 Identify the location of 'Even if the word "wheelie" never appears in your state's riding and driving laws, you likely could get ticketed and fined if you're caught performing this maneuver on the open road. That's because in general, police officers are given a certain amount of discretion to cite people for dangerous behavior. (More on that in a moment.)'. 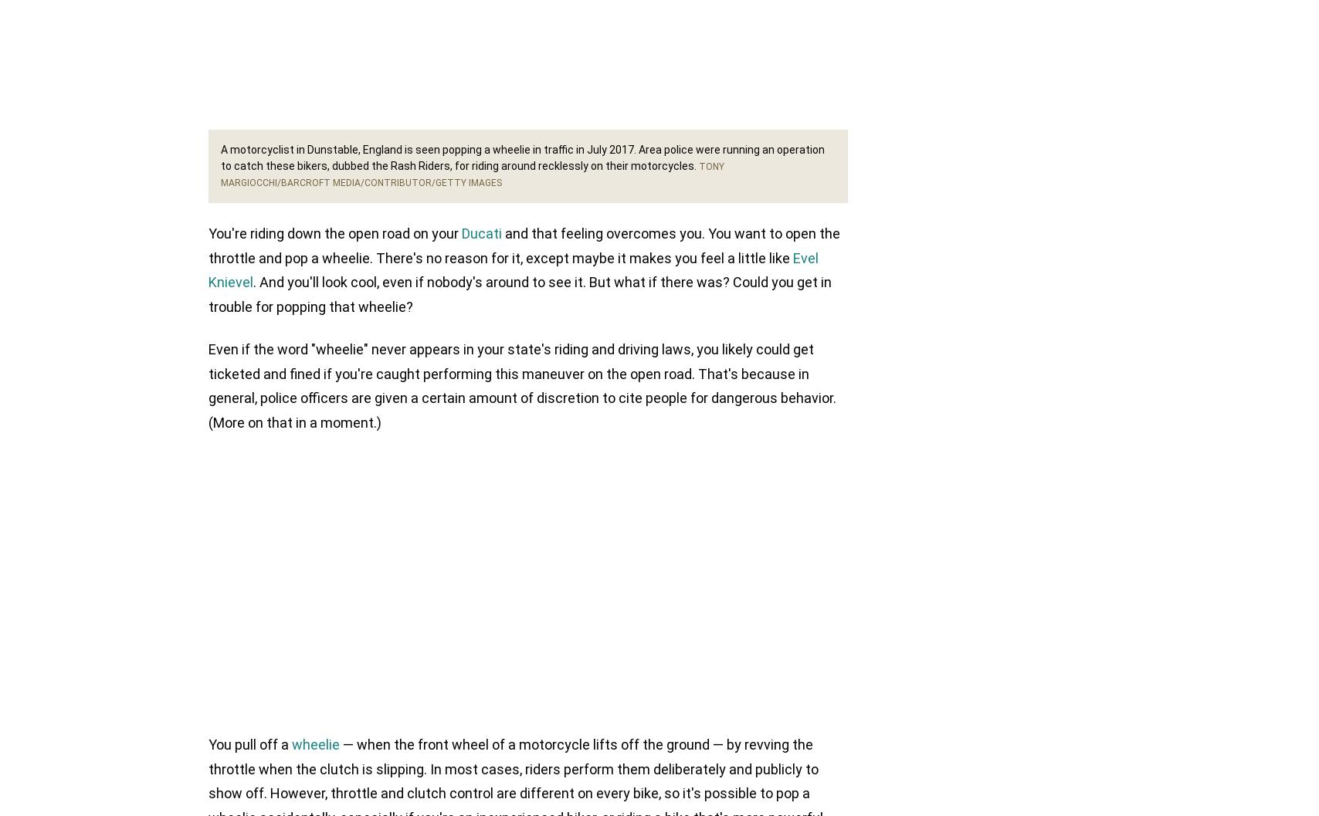
(522, 385).